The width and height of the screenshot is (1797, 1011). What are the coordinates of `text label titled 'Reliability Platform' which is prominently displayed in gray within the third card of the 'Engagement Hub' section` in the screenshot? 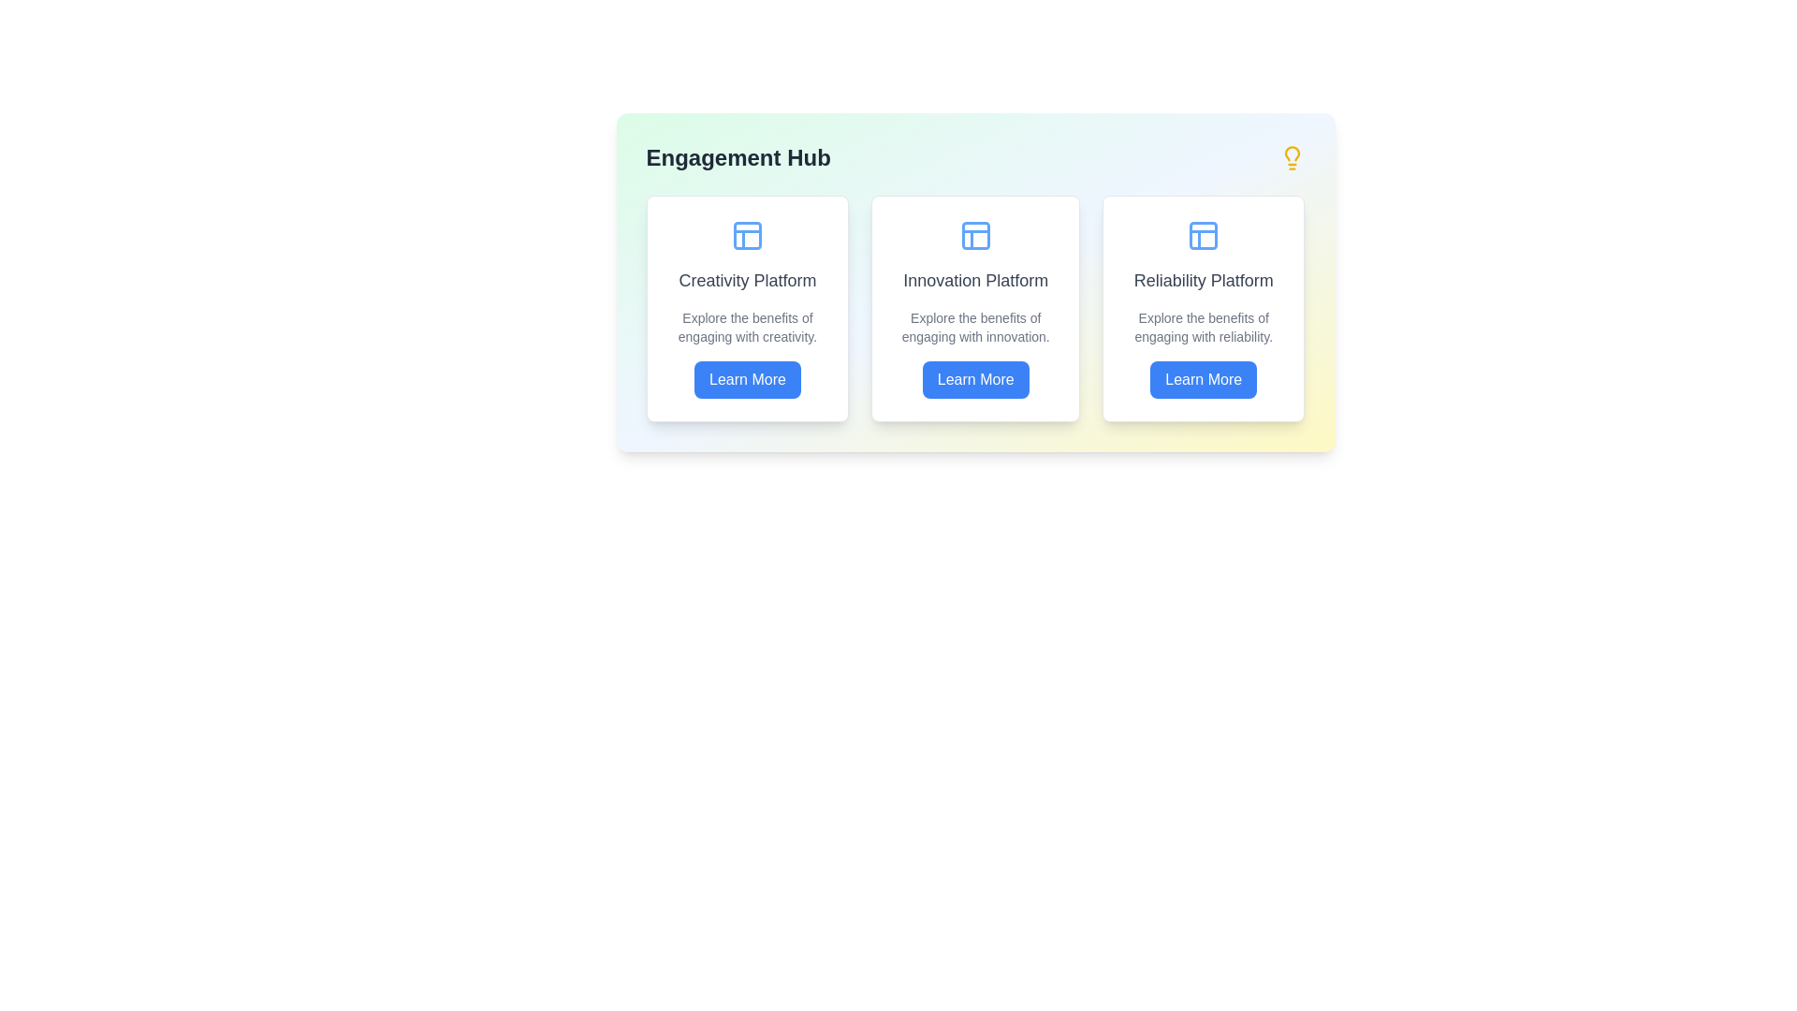 It's located at (1204, 281).